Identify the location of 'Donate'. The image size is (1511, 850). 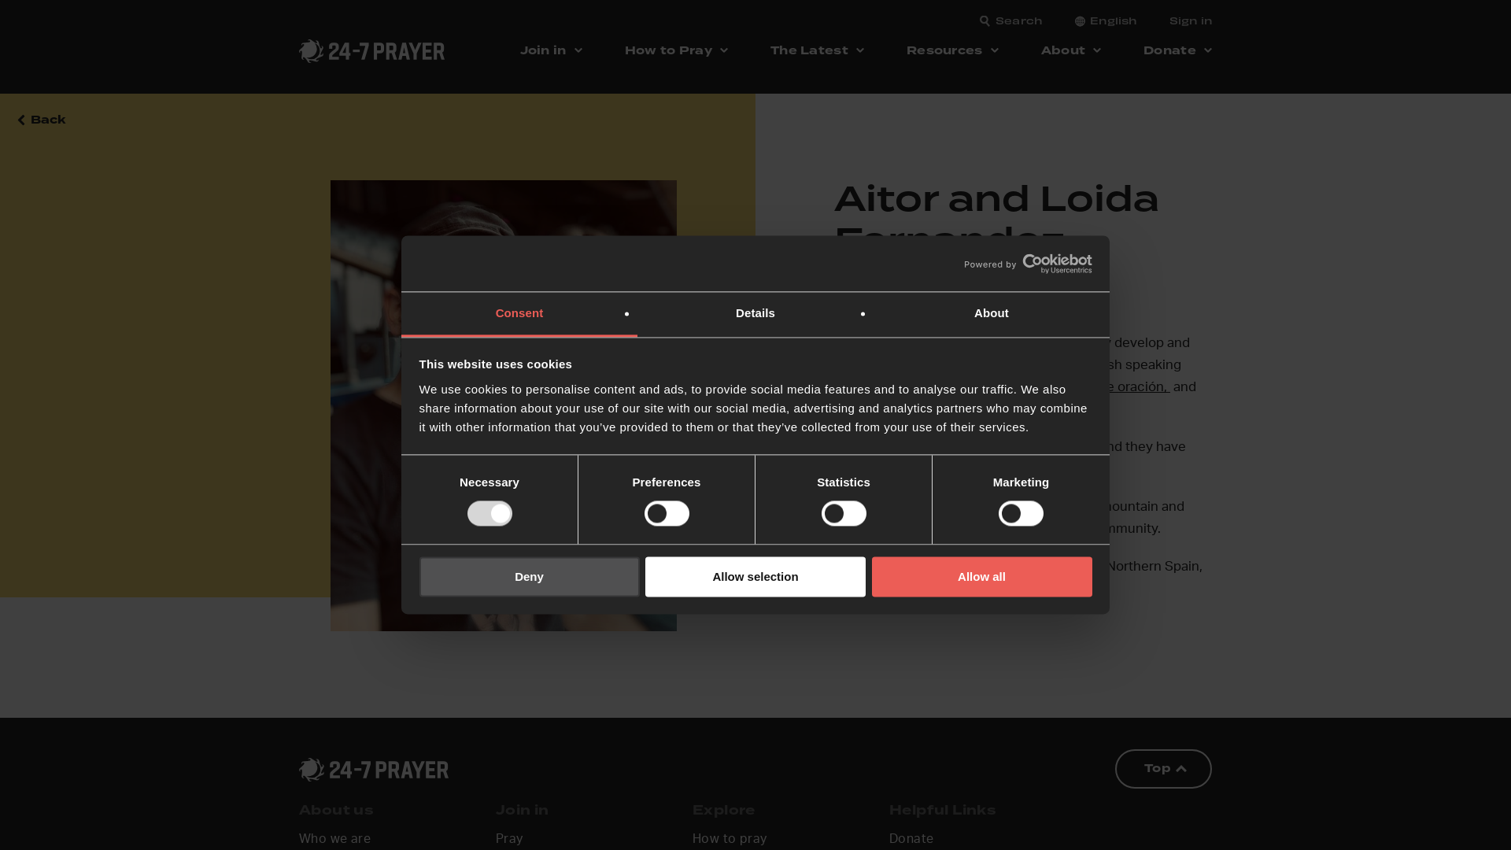
(911, 840).